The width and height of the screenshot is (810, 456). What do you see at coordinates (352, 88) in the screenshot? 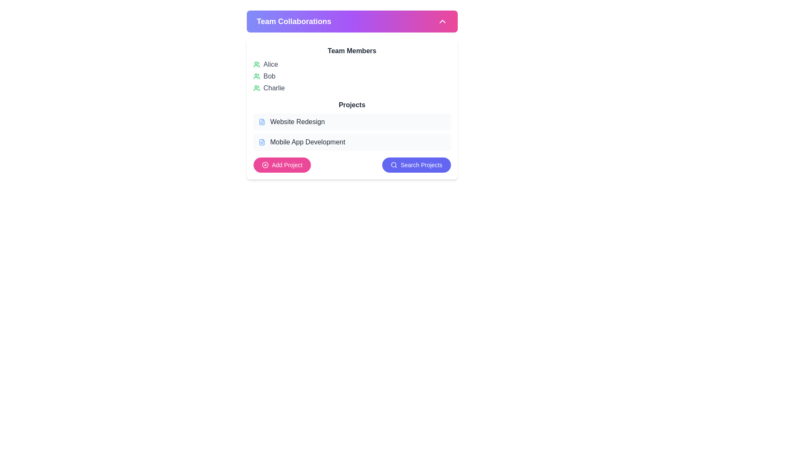
I see `the list item representing the team member 'Charlie', which is the third item under the 'Team Members' section` at bounding box center [352, 88].